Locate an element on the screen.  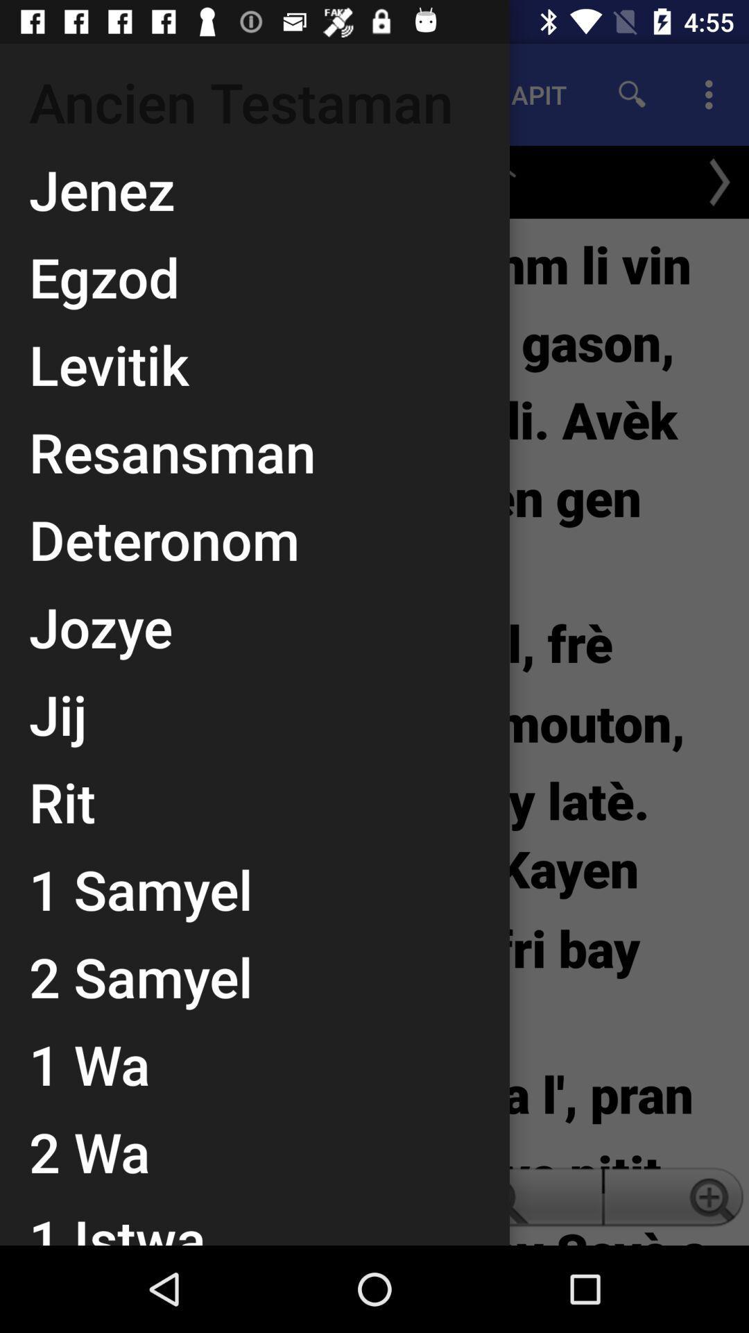
the next option on the top right corner is located at coordinates (718, 181).